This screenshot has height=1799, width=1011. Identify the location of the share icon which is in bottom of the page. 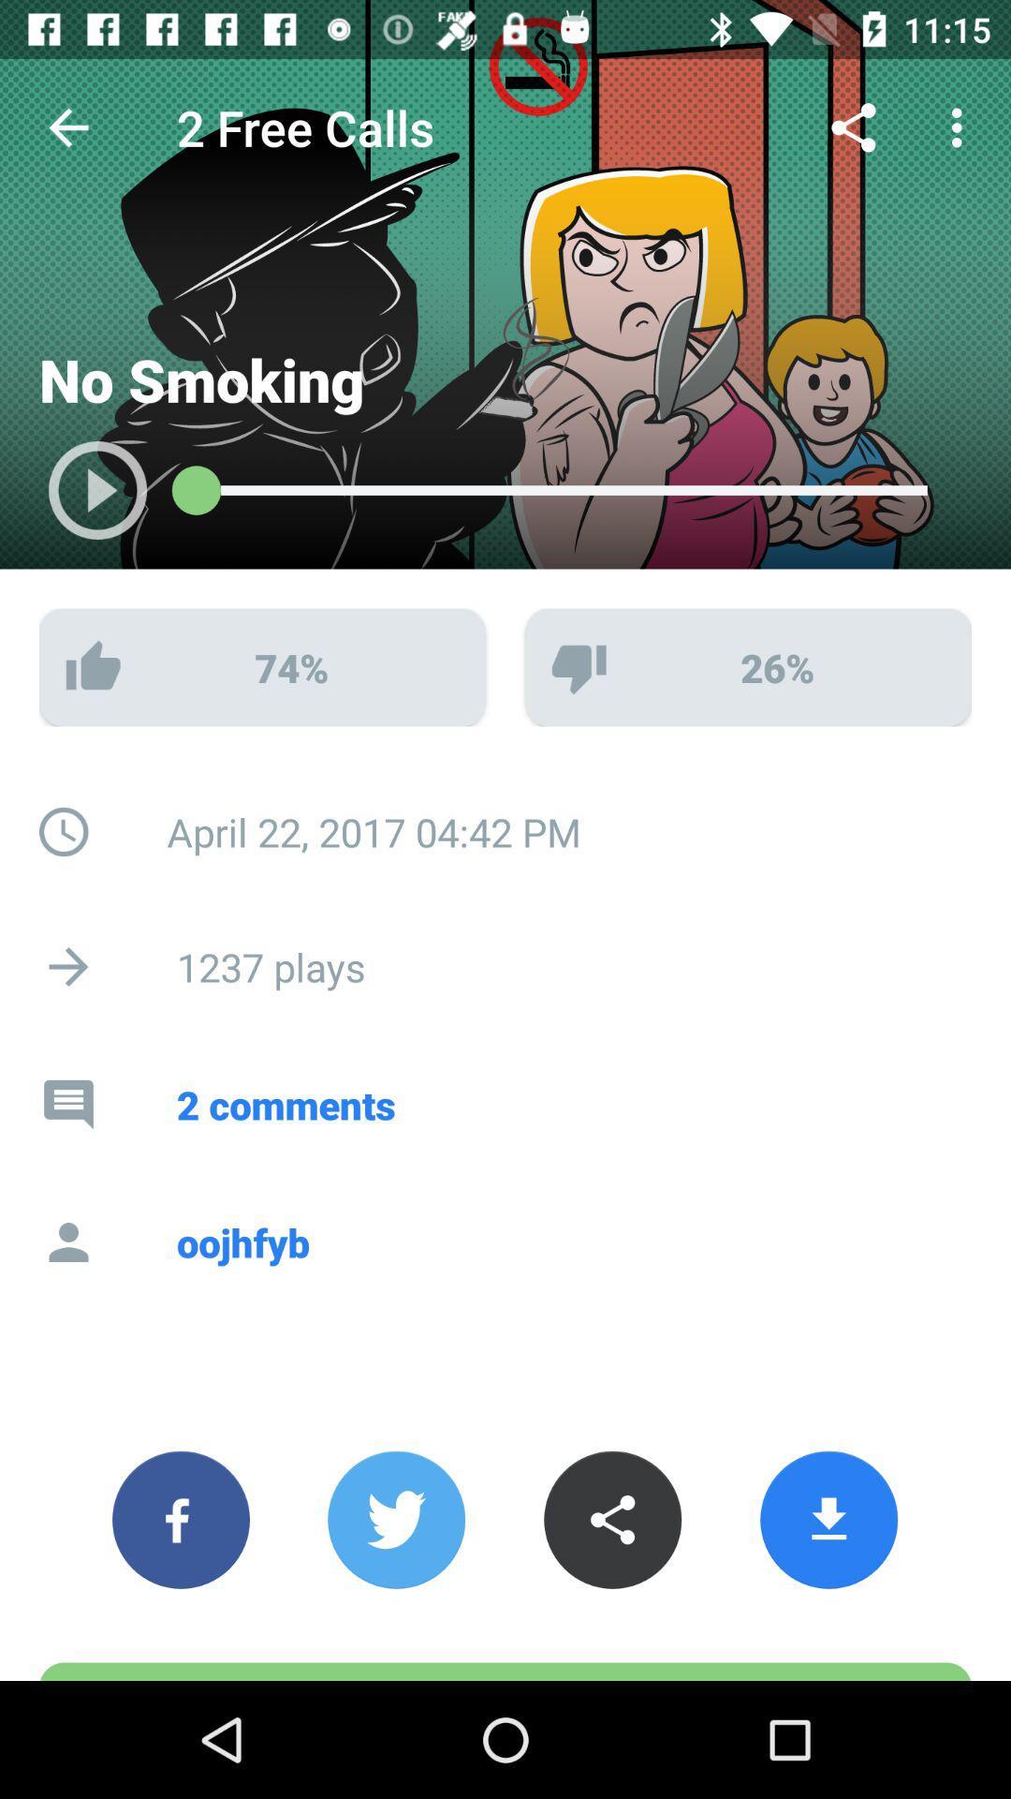
(612, 1520).